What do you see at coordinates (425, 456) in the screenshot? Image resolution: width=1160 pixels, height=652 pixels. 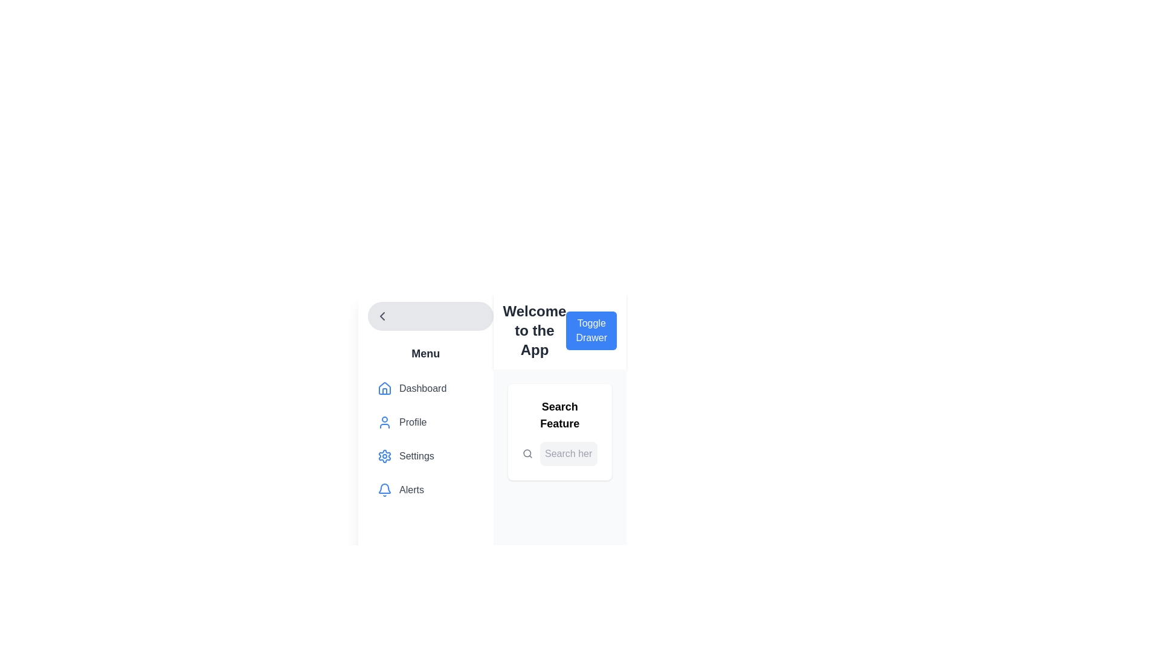 I see `the 'Settings' button, which features a blue gear icon and dark gray text, located in the third position of the navigation menu` at bounding box center [425, 456].